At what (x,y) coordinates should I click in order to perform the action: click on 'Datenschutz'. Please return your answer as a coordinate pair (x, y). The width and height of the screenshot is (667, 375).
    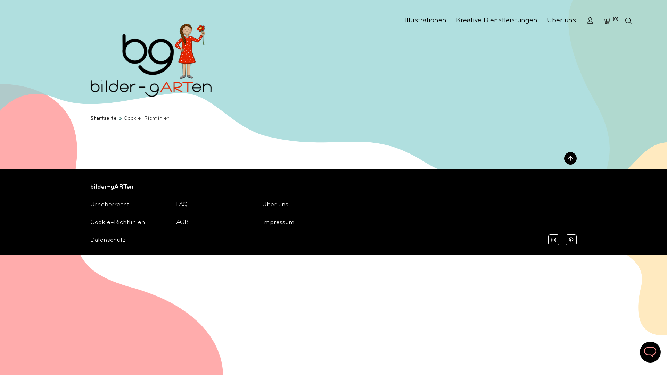
    Looking at the image, I should click on (107, 240).